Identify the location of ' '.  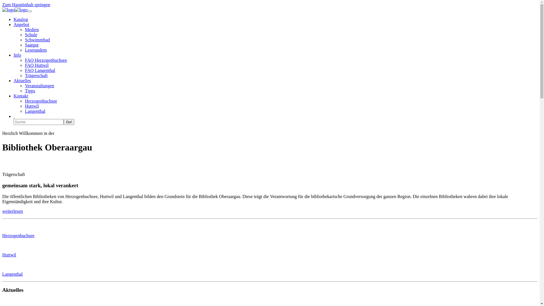
(14, 116).